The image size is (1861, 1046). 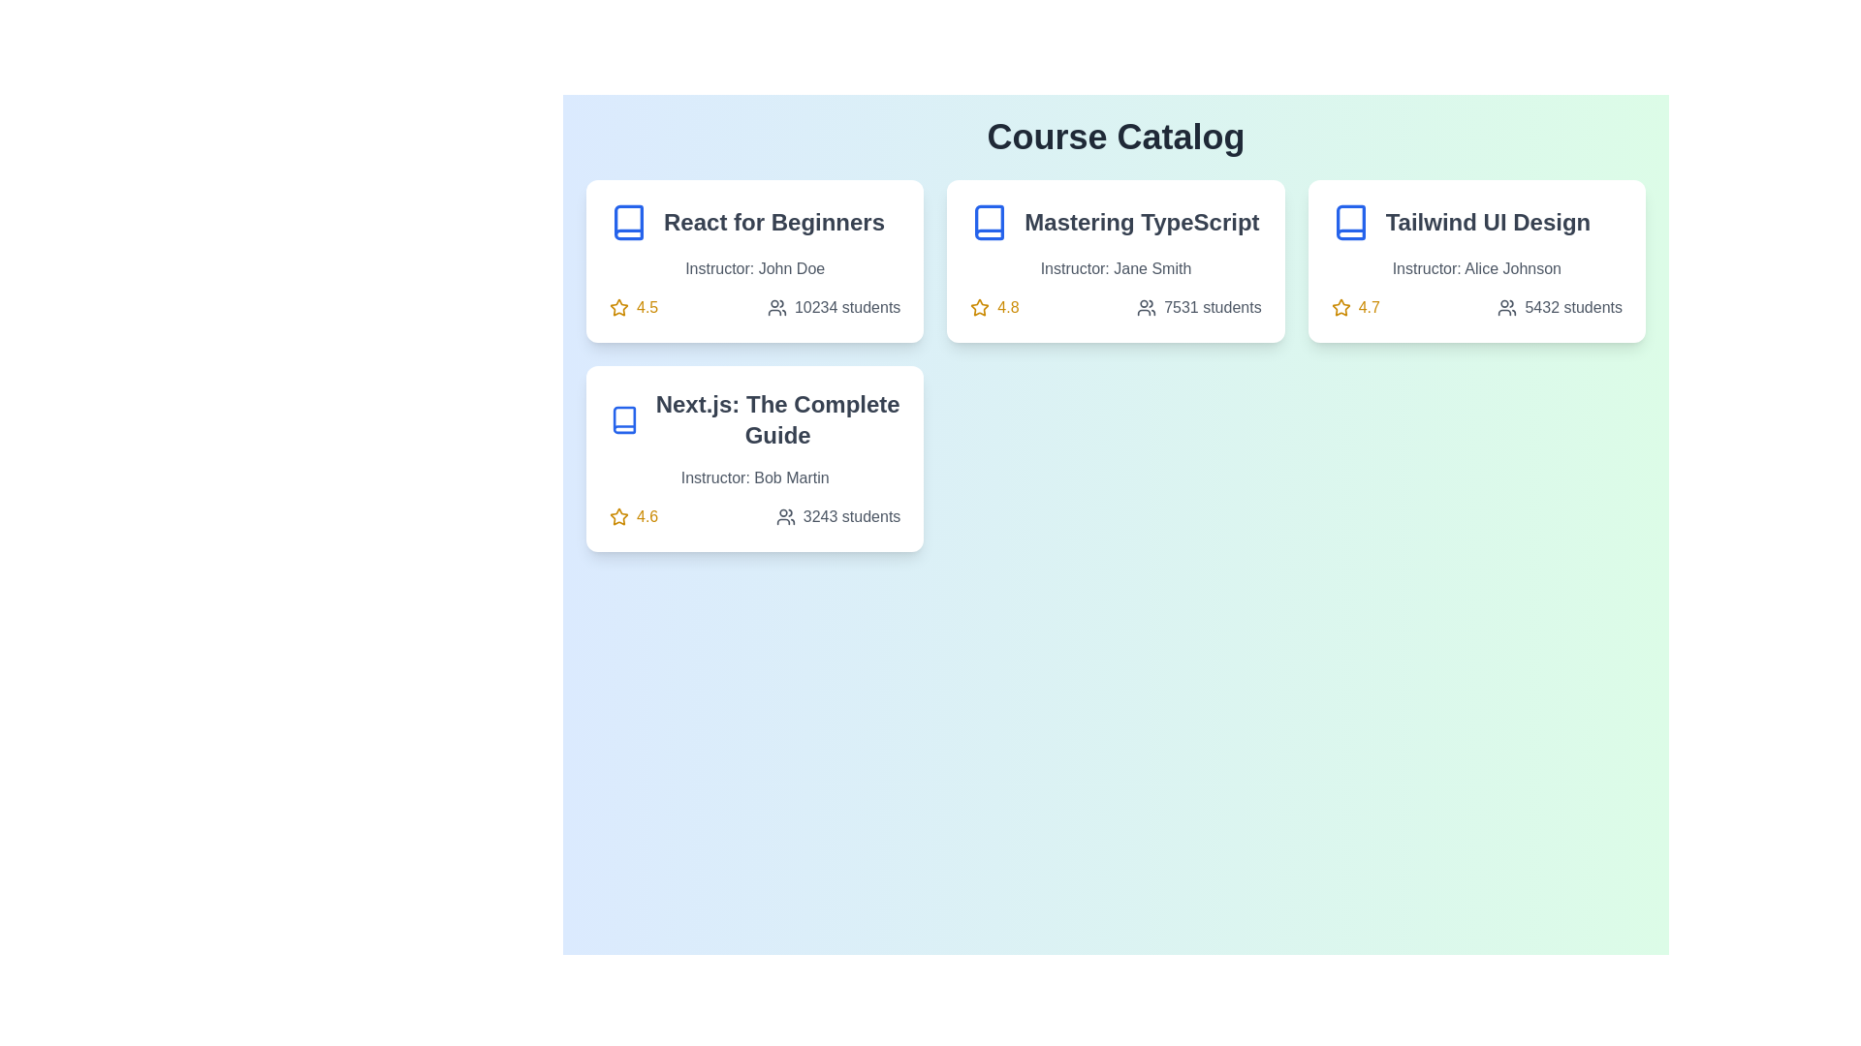 I want to click on the bold text label 'Mastering TypeScript' which is the title of the second course card from the left in the first row of the course grid to interact with adjacent elements, so click(x=1142, y=222).